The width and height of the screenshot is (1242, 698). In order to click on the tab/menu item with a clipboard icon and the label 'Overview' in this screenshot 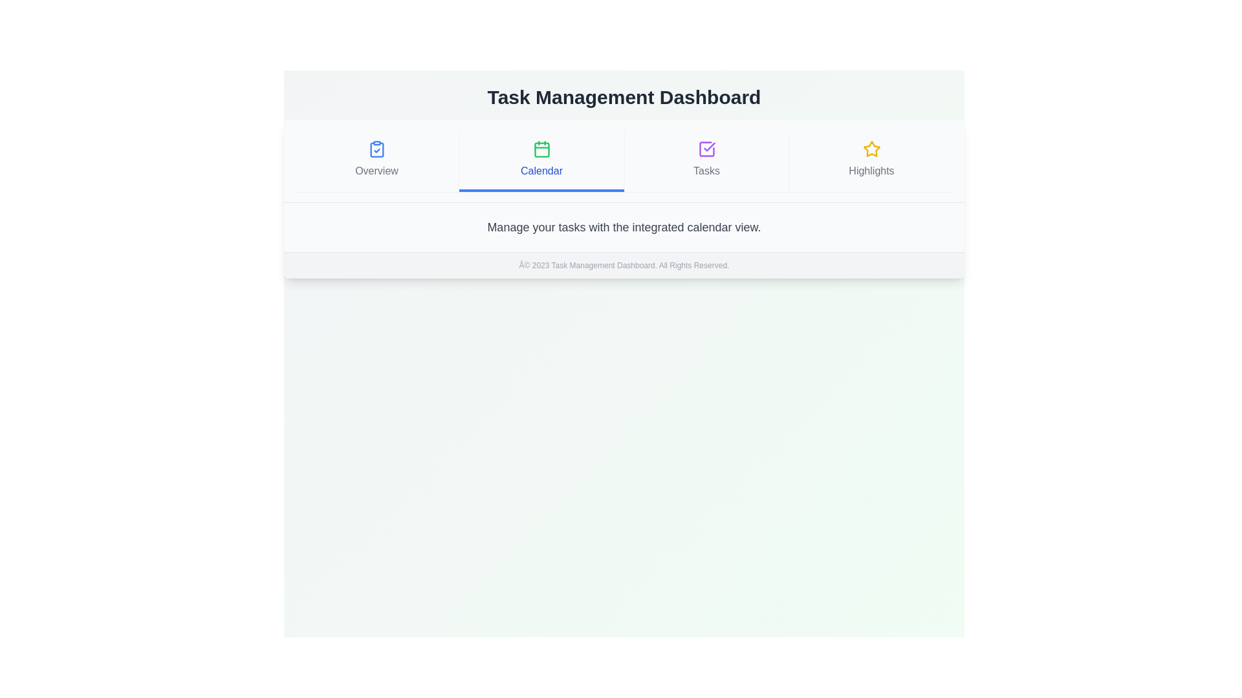, I will do `click(376, 158)`.